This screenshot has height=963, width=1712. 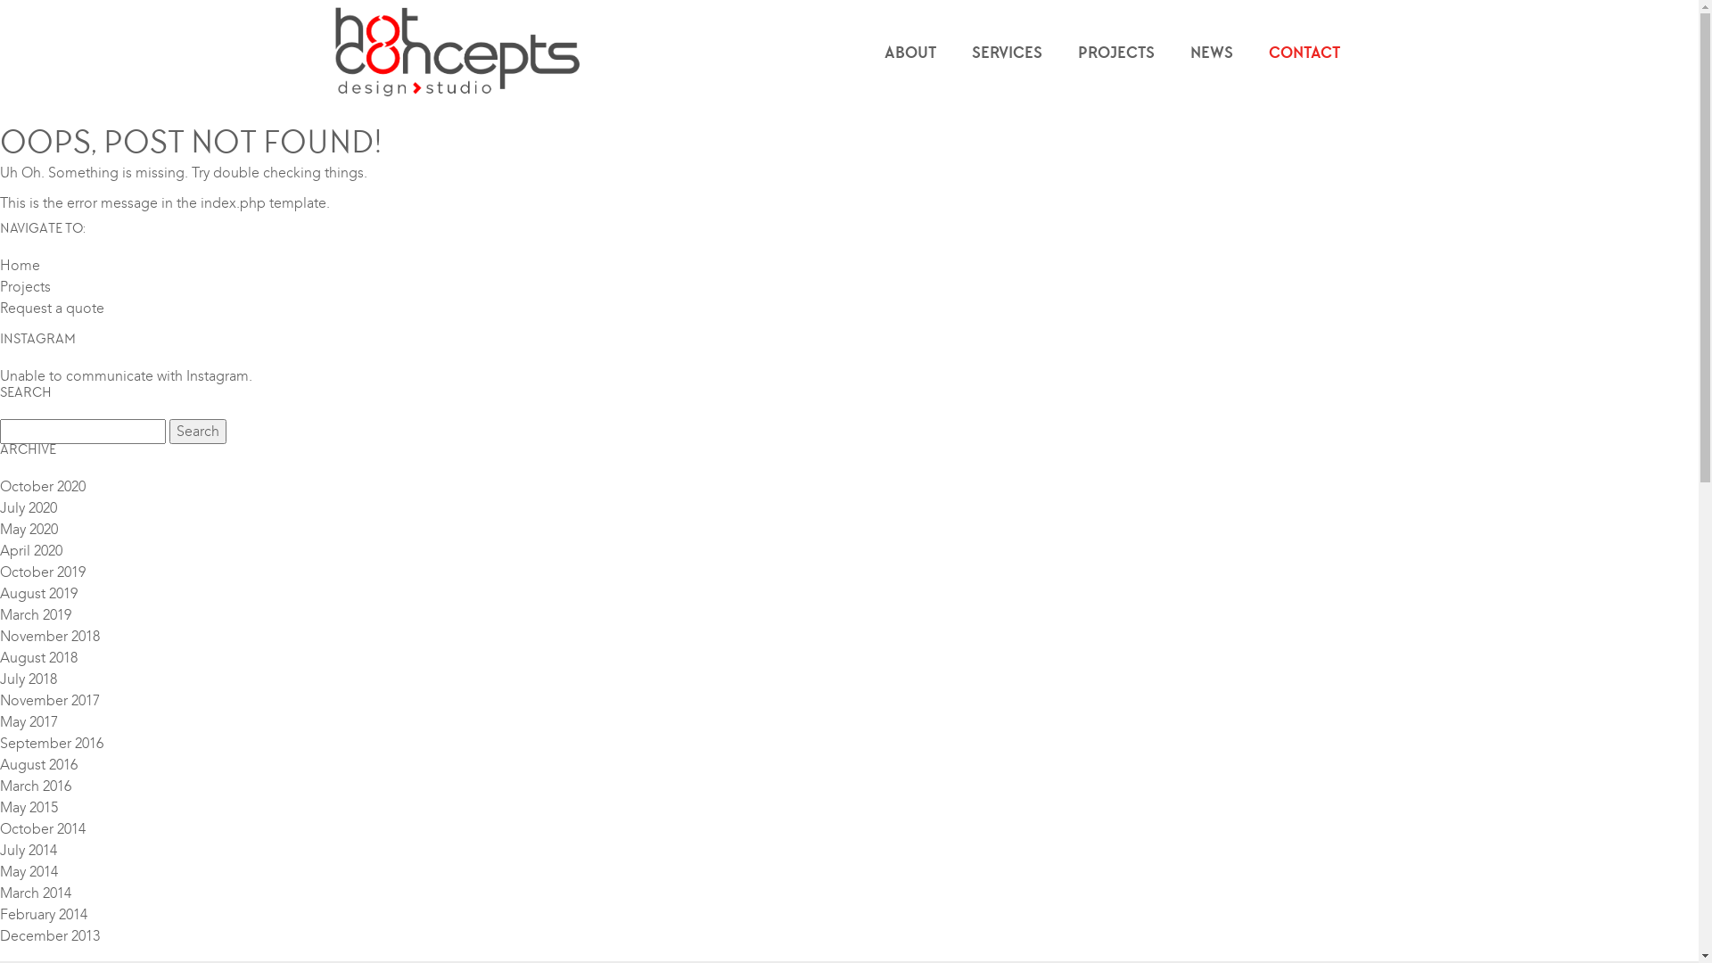 What do you see at coordinates (43, 915) in the screenshot?
I see `'February 2014'` at bounding box center [43, 915].